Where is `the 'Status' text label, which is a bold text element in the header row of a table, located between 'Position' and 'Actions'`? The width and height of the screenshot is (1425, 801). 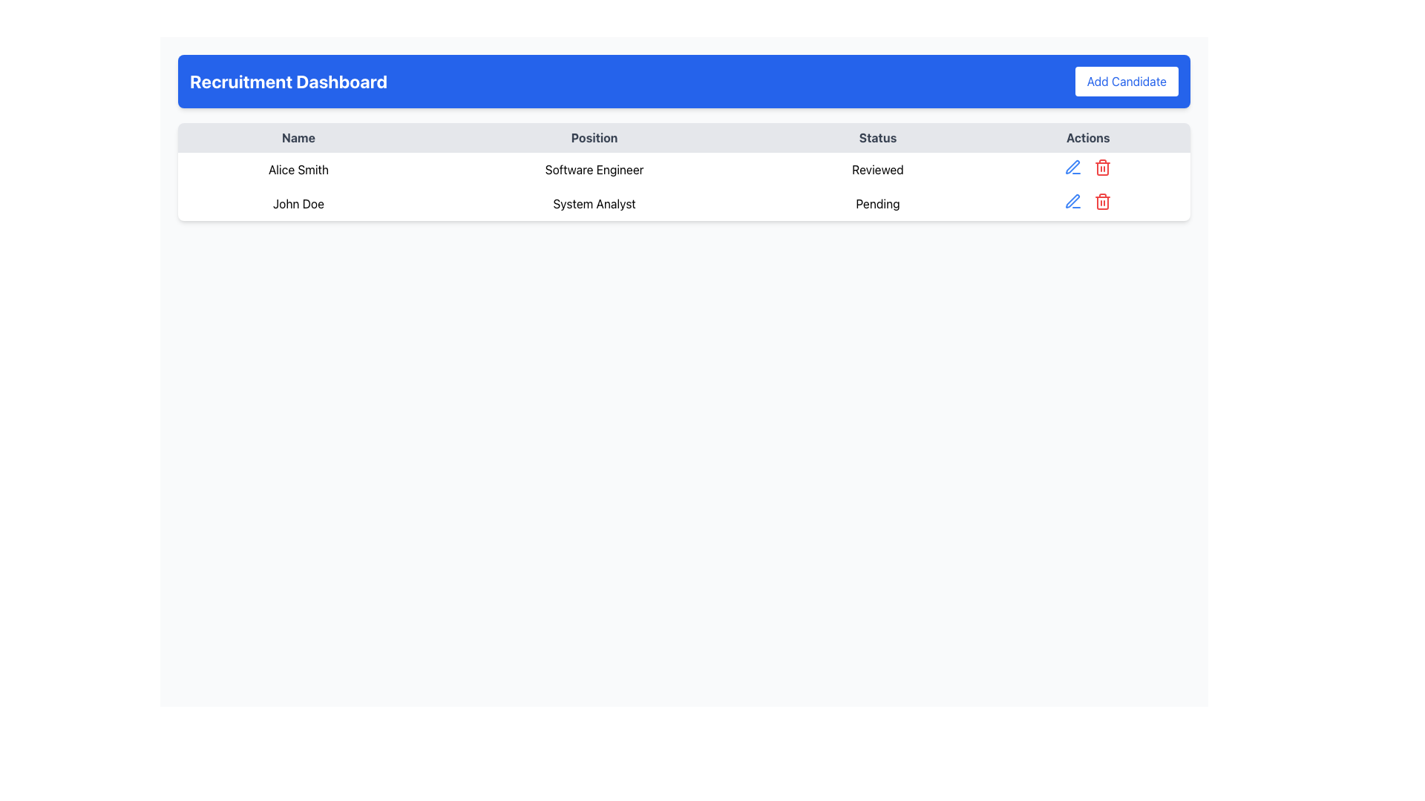 the 'Status' text label, which is a bold text element in the header row of a table, located between 'Position' and 'Actions' is located at coordinates (877, 137).